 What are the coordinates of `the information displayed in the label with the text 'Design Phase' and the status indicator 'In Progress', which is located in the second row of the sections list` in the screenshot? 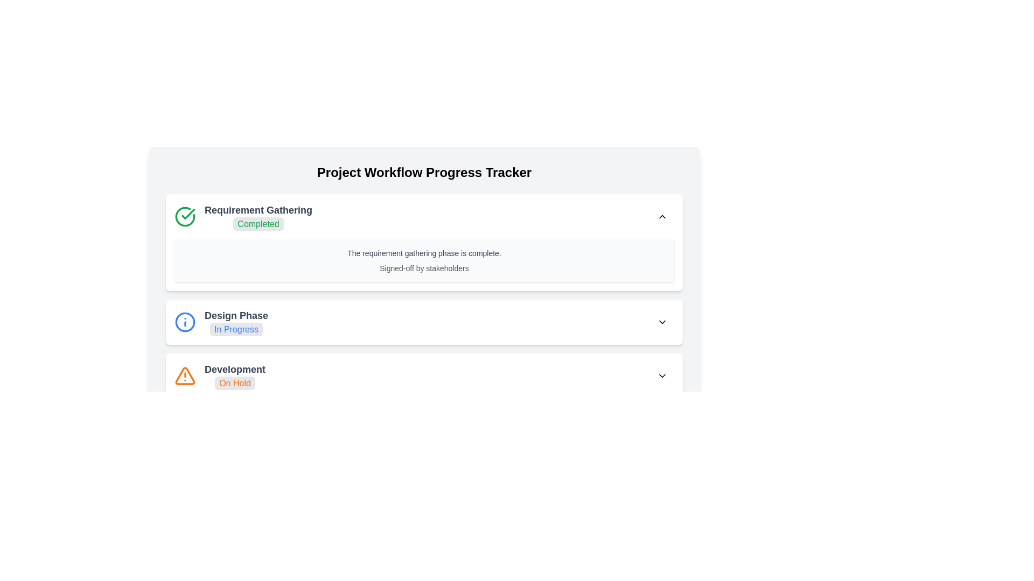 It's located at (221, 321).